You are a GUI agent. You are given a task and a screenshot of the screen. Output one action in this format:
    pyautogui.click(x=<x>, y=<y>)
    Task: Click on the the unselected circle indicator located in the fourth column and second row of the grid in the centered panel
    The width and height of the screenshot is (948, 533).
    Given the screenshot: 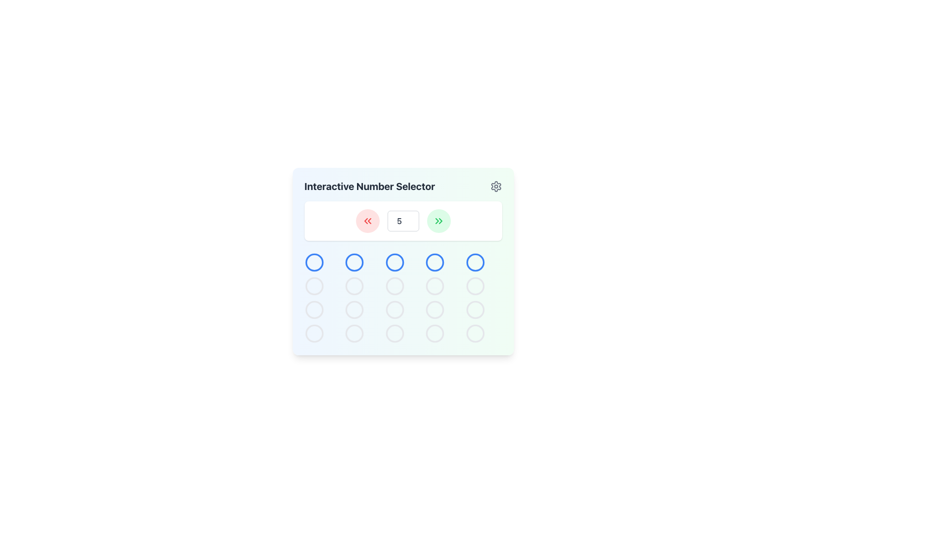 What is the action you would take?
    pyautogui.click(x=434, y=286)
    